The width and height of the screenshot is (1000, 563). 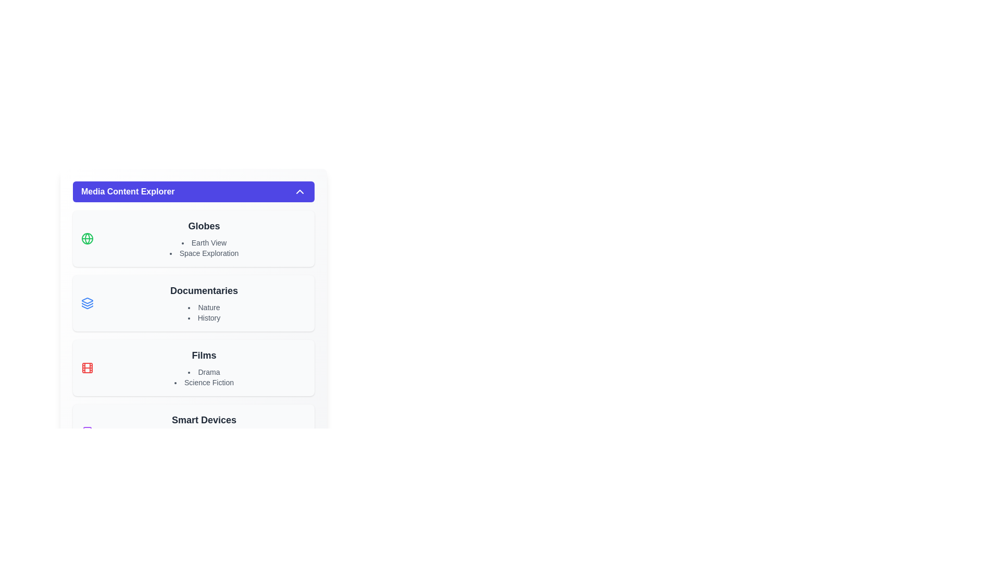 What do you see at coordinates (204, 382) in the screenshot?
I see `the bullet point item labeled 'Science Fiction' in the Films category, which is styled with a disc marker and is gray in color` at bounding box center [204, 382].